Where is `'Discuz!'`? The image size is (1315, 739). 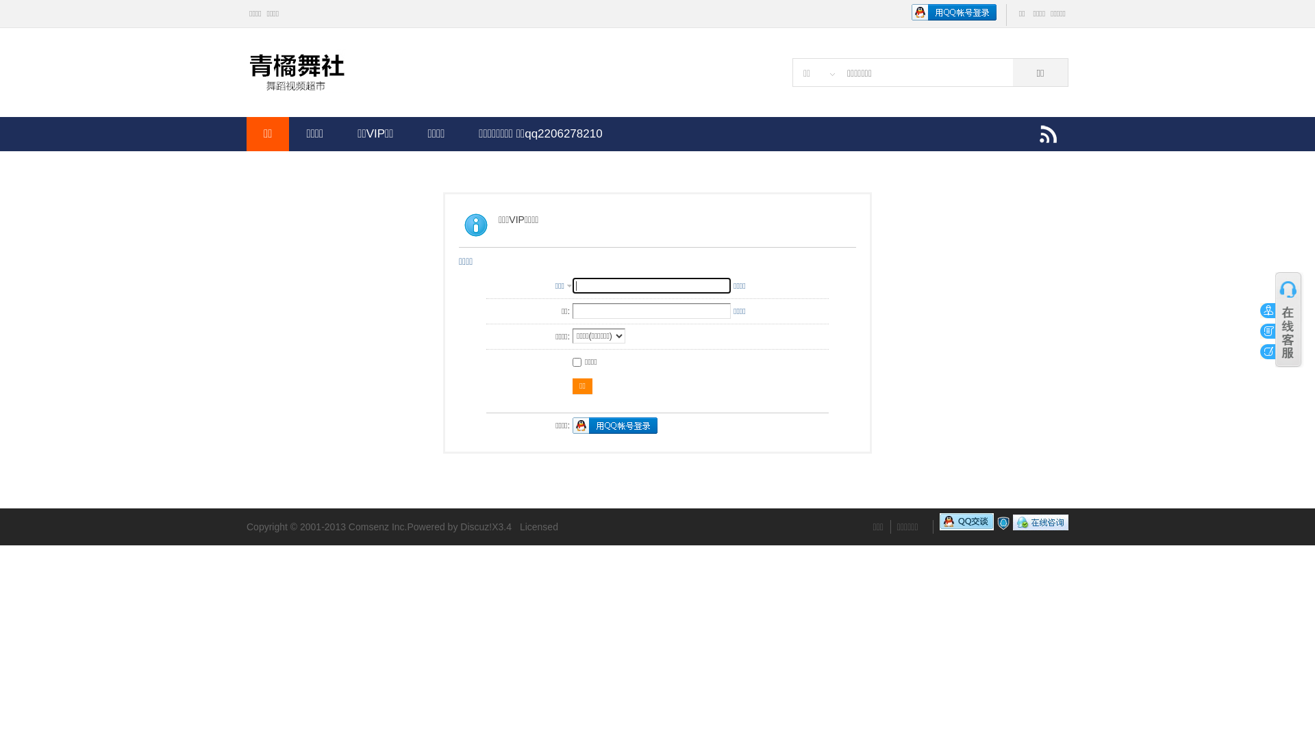 'Discuz!' is located at coordinates (476, 526).